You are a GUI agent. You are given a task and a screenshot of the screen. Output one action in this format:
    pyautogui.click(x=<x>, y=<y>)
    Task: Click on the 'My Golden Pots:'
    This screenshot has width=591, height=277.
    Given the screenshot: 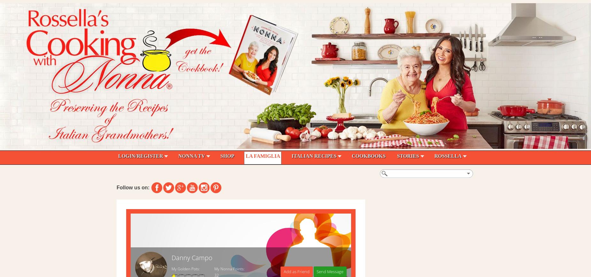 What is the action you would take?
    pyautogui.click(x=186, y=269)
    